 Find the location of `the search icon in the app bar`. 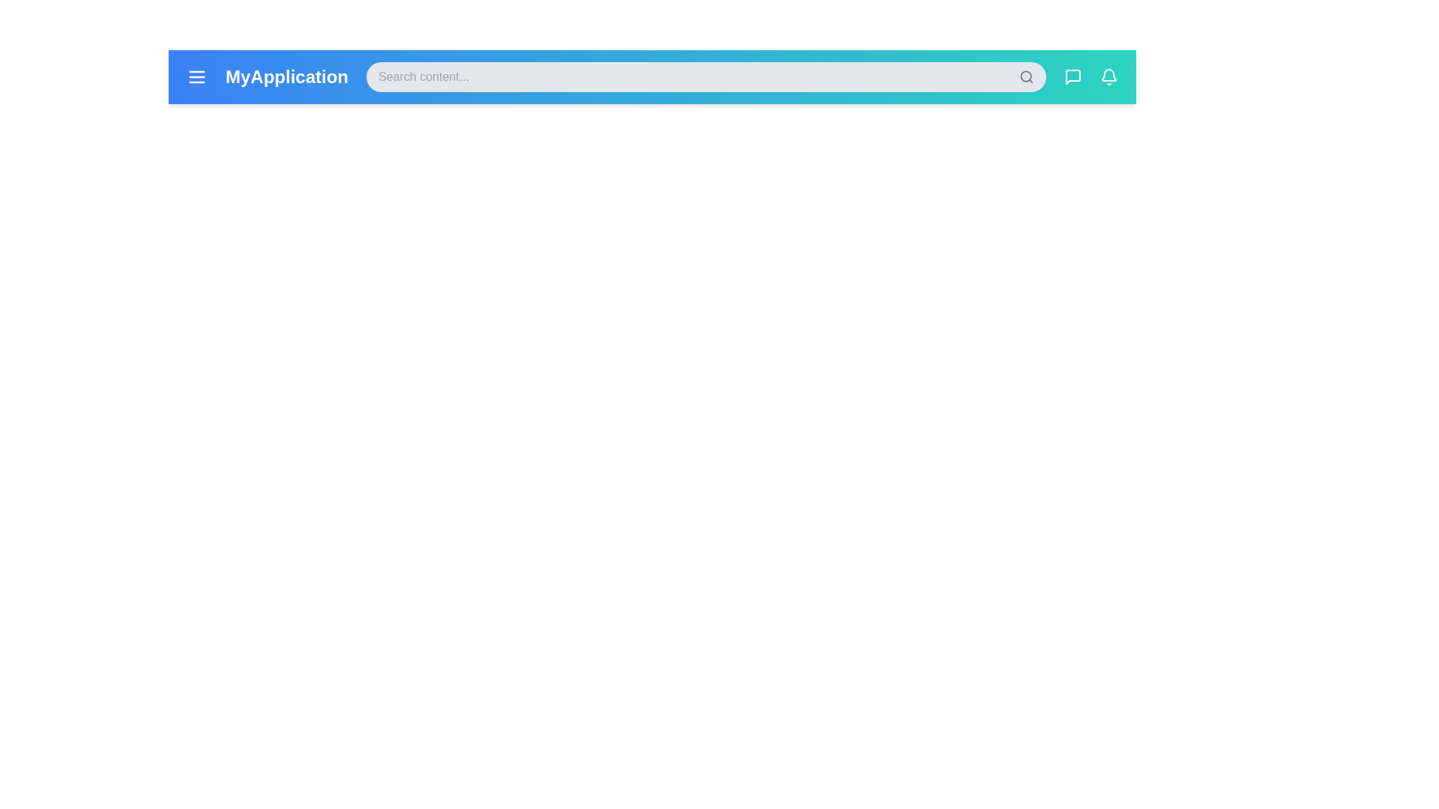

the search icon in the app bar is located at coordinates (1025, 77).